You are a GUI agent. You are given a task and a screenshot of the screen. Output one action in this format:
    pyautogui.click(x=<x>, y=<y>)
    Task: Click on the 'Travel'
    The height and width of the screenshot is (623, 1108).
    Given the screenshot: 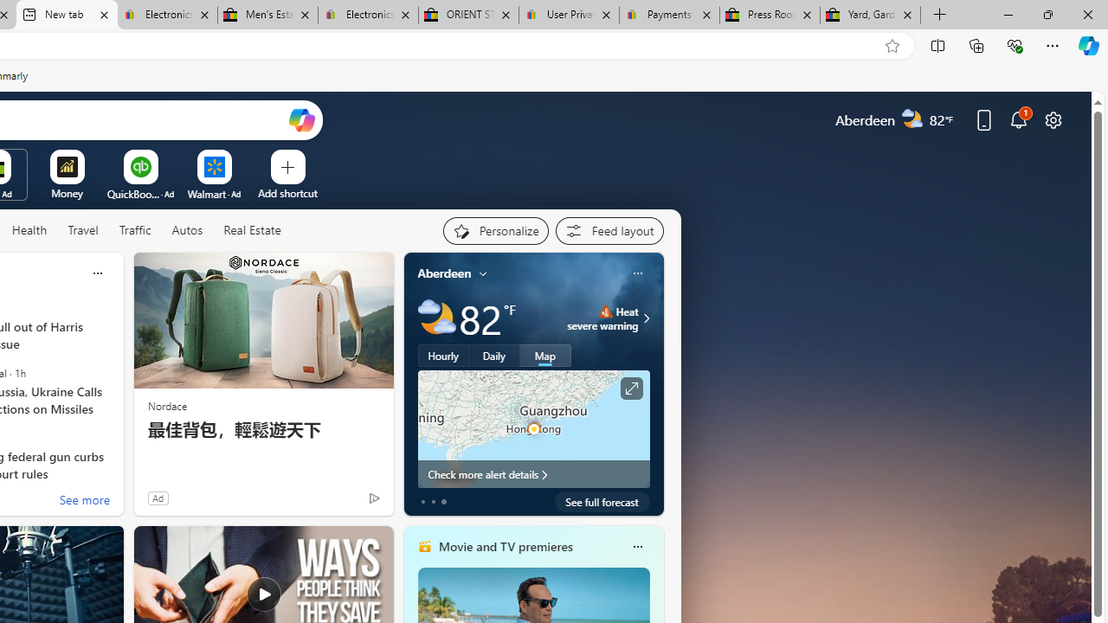 What is the action you would take?
    pyautogui.click(x=82, y=229)
    